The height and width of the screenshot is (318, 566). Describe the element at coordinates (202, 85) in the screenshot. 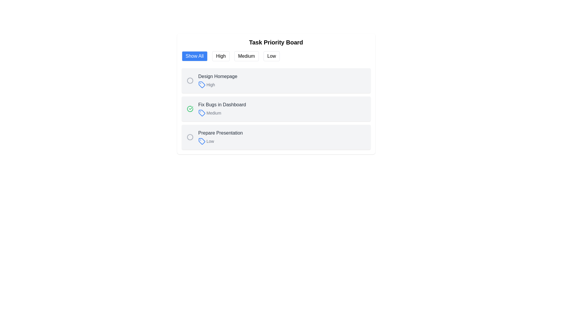

I see `the small graphical icon resembling a tag with a blue outline that is associated with the text 'High' in the 'Design Homepage' task list` at that location.